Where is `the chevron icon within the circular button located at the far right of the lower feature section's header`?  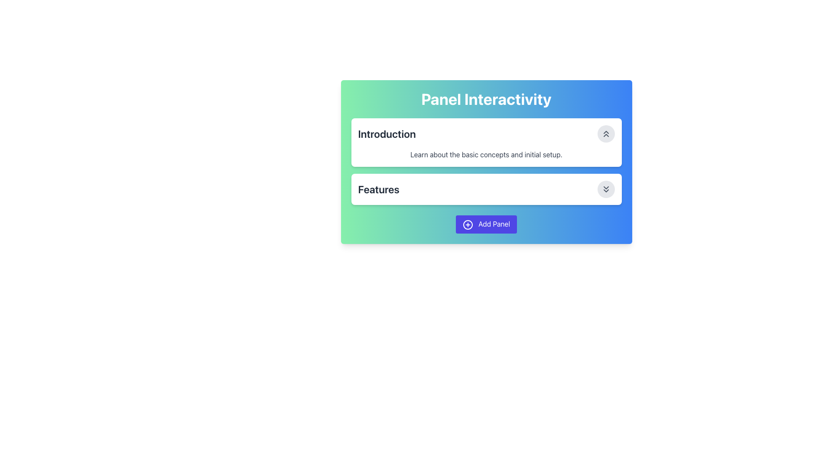
the chevron icon within the circular button located at the far right of the lower feature section's header is located at coordinates (605, 188).